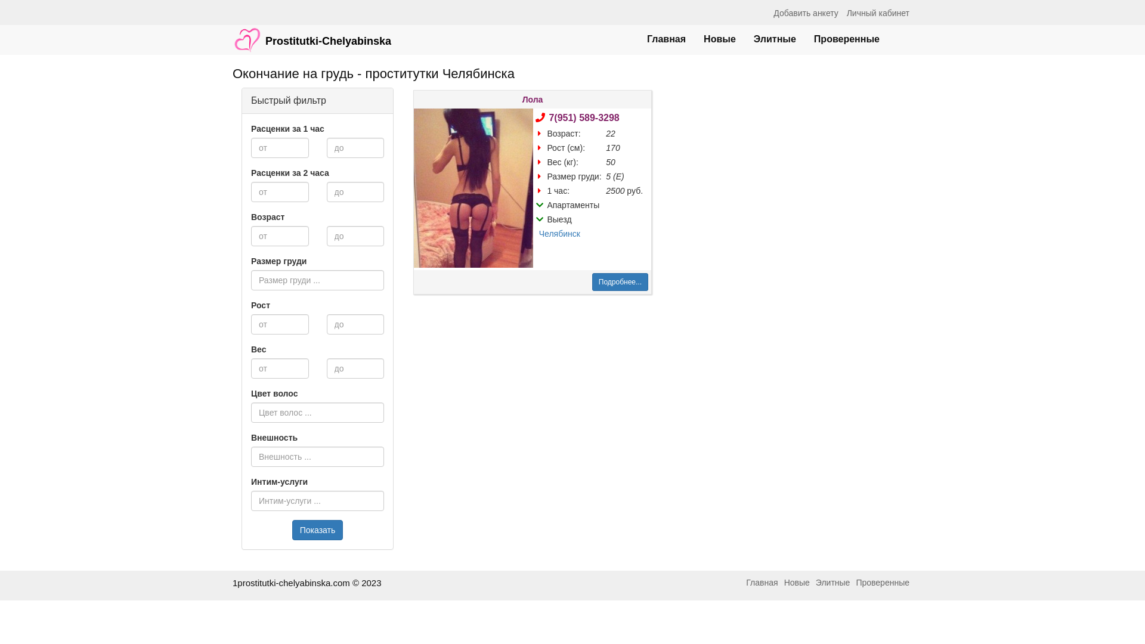 The width and height of the screenshot is (1145, 644). Describe the element at coordinates (312, 33) in the screenshot. I see `'Prostitutki-Chelyabinska'` at that location.